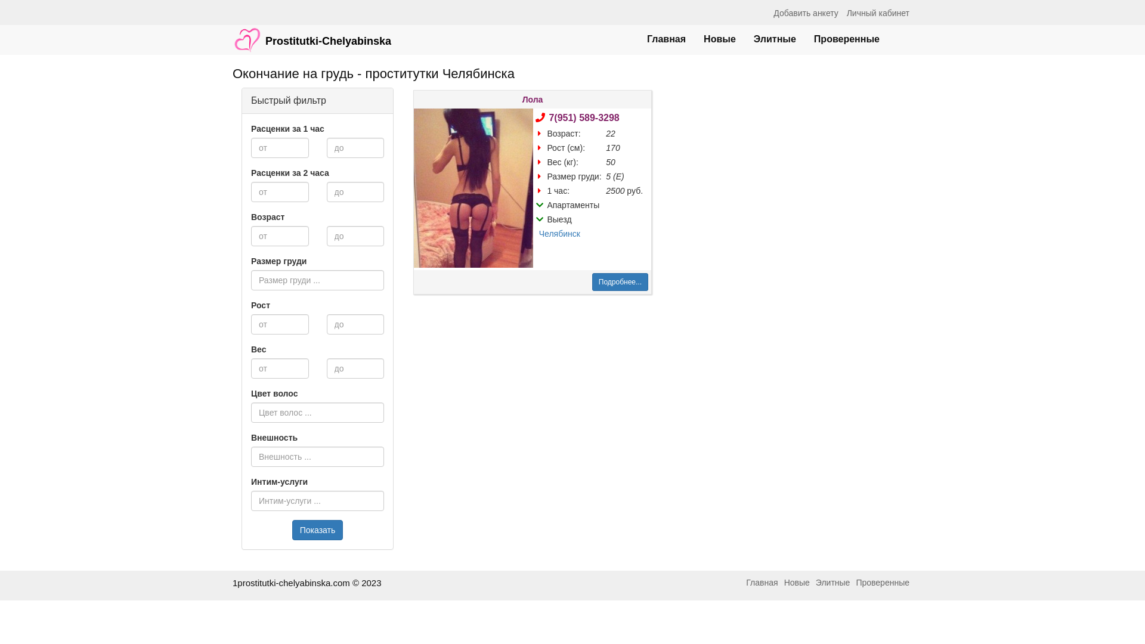 The width and height of the screenshot is (1145, 644). Describe the element at coordinates (312, 33) in the screenshot. I see `'Prostitutki-Chelyabinska'` at that location.